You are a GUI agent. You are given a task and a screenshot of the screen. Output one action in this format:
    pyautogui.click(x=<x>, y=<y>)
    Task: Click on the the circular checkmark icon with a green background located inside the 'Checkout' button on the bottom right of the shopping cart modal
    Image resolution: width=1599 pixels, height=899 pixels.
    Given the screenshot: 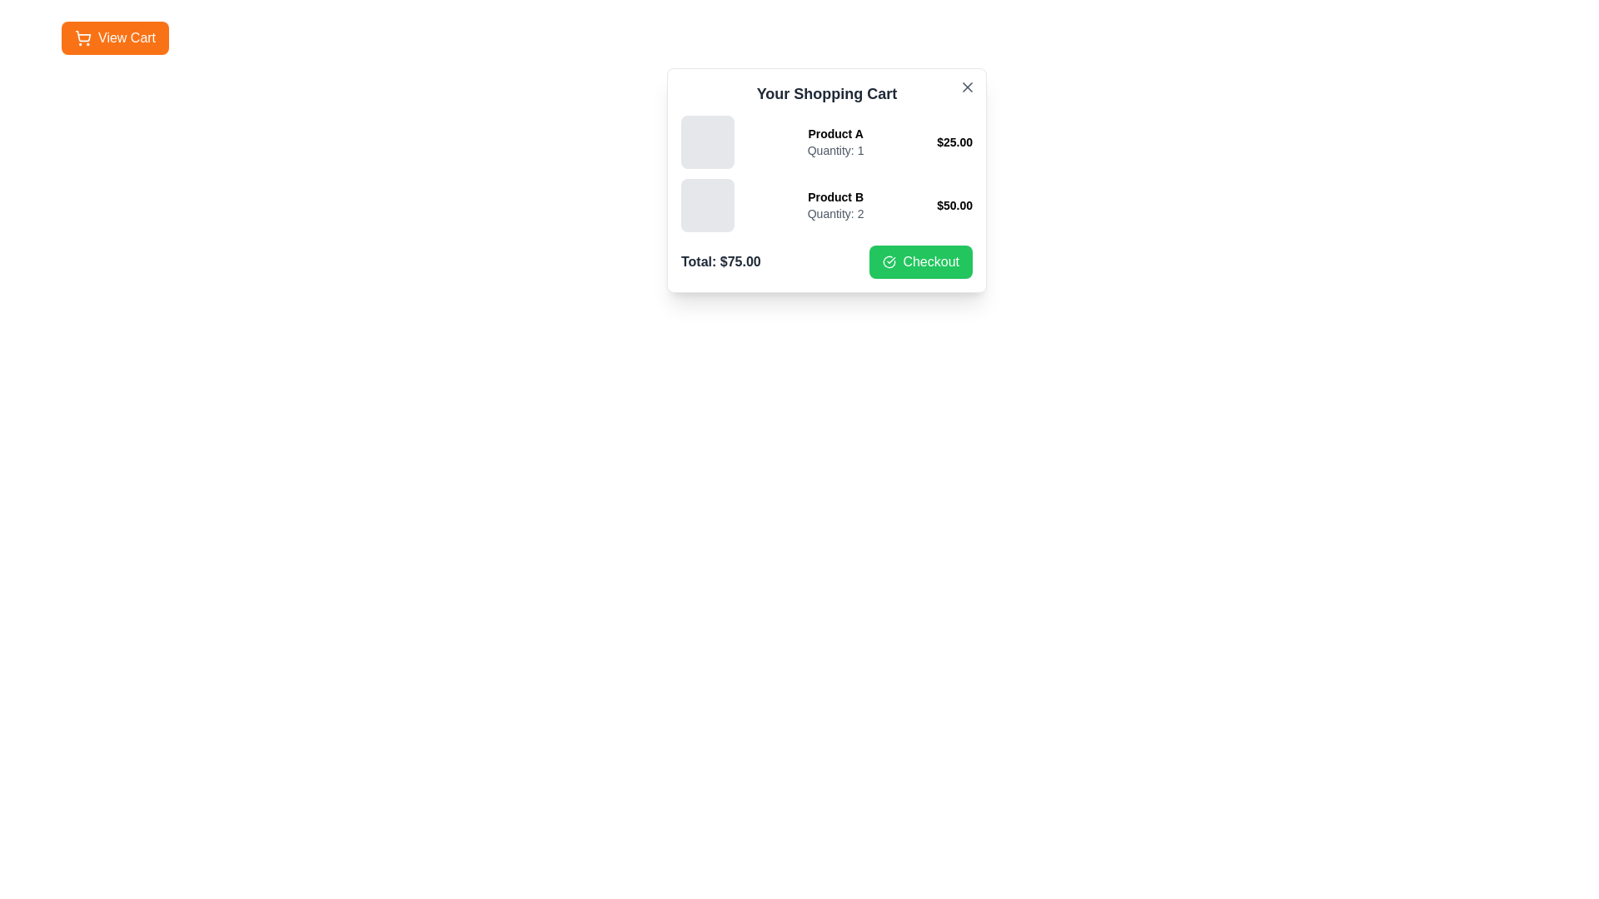 What is the action you would take?
    pyautogui.click(x=889, y=262)
    